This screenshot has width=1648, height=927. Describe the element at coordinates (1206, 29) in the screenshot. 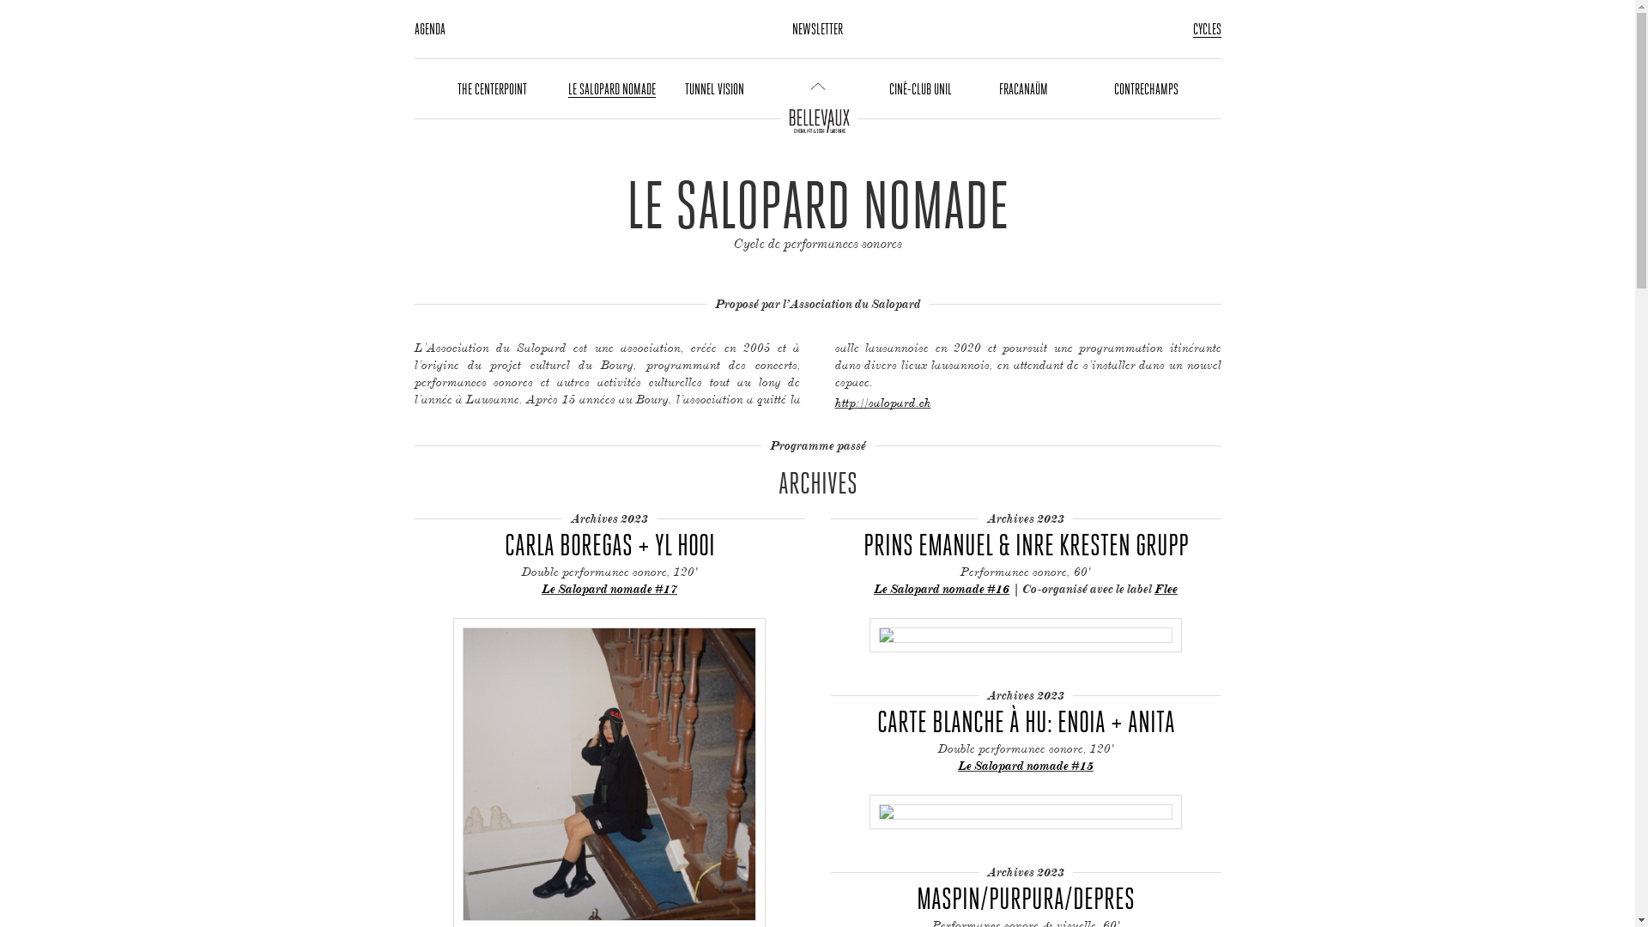

I see `'CYCLES'` at that location.